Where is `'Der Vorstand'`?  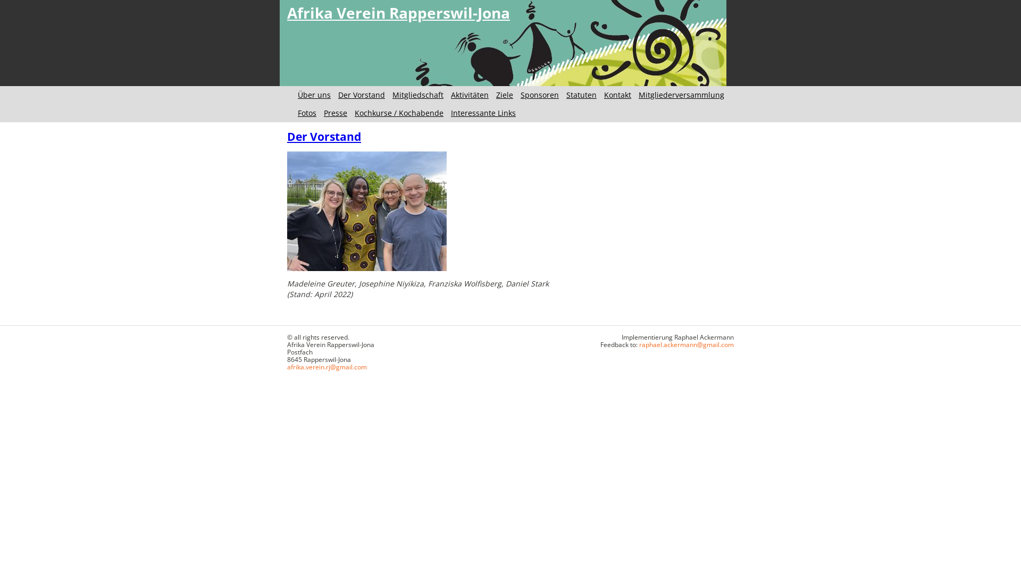 'Der Vorstand' is located at coordinates (287, 136).